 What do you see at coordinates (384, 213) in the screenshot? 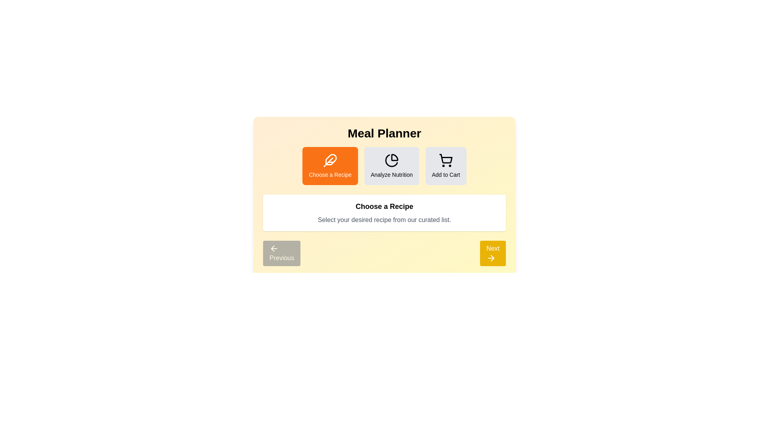
I see `the step description text` at bounding box center [384, 213].